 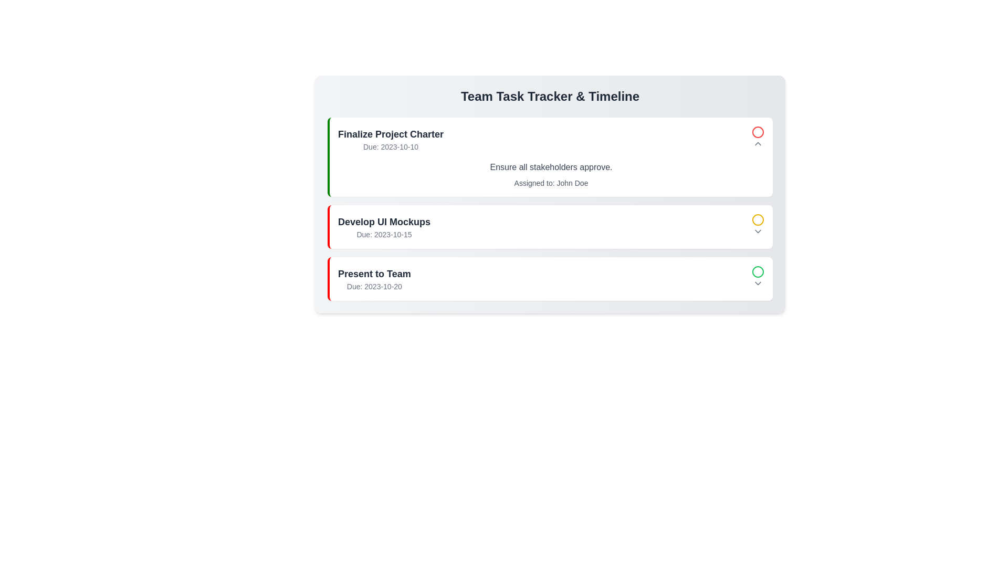 What do you see at coordinates (549, 226) in the screenshot?
I see `the second Task card in the list` at bounding box center [549, 226].